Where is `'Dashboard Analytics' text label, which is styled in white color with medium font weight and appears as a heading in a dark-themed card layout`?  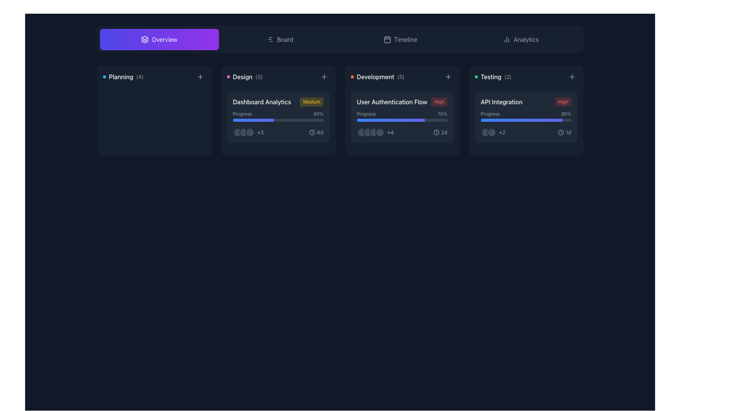 'Dashboard Analytics' text label, which is styled in white color with medium font weight and appears as a heading in a dark-themed card layout is located at coordinates (262, 101).